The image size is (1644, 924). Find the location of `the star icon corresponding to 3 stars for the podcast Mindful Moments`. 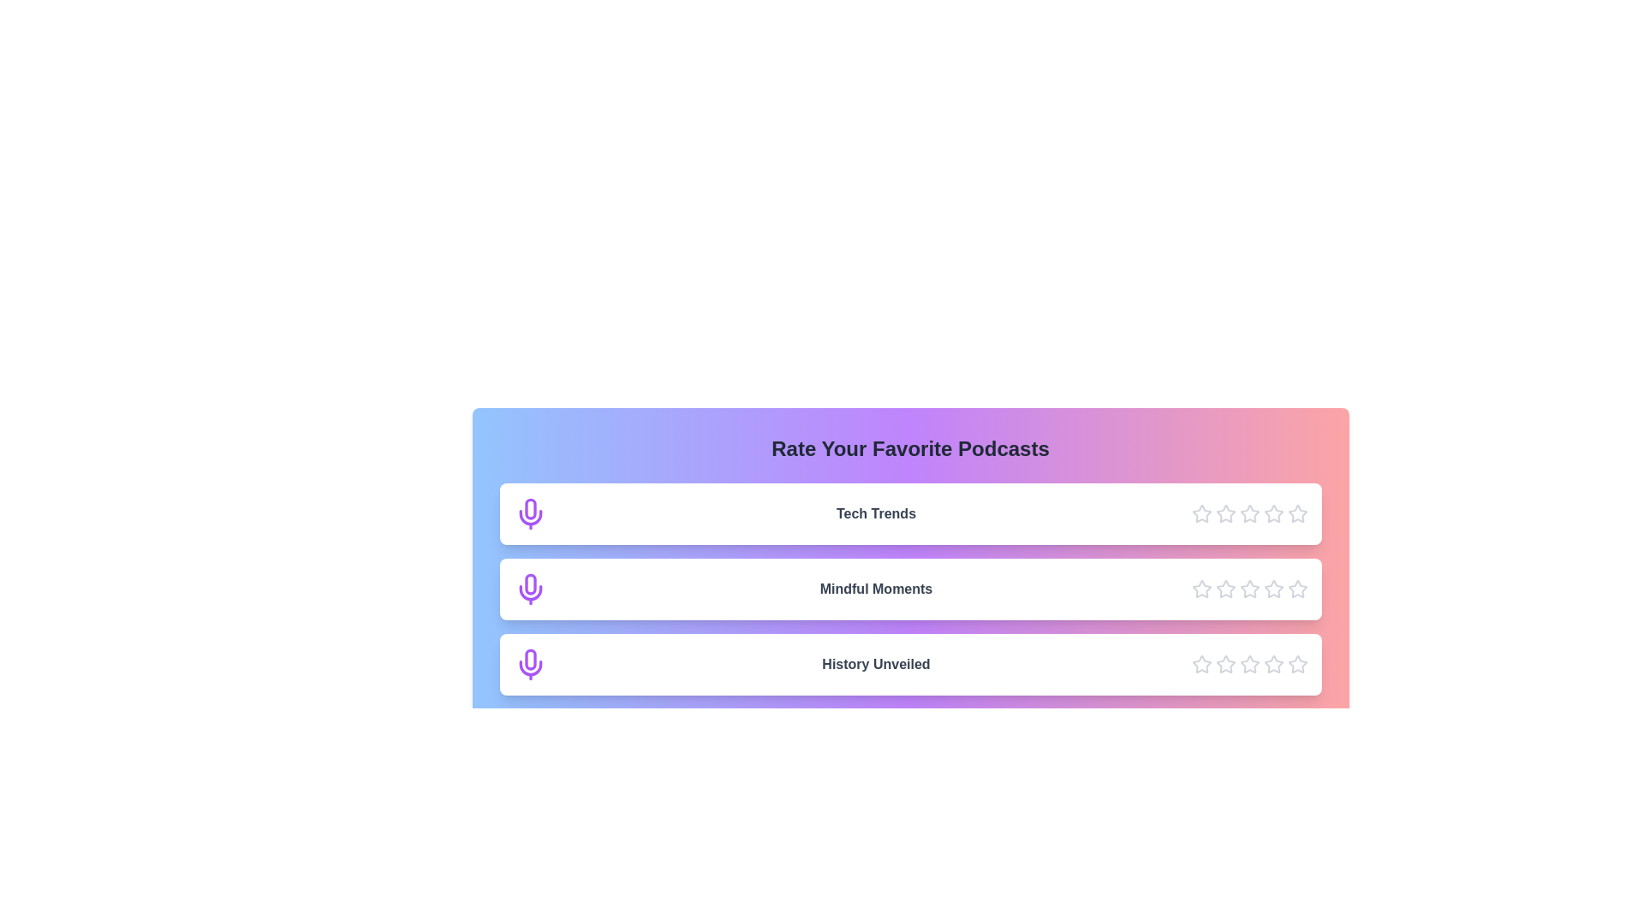

the star icon corresponding to 3 stars for the podcast Mindful Moments is located at coordinates (1249, 589).